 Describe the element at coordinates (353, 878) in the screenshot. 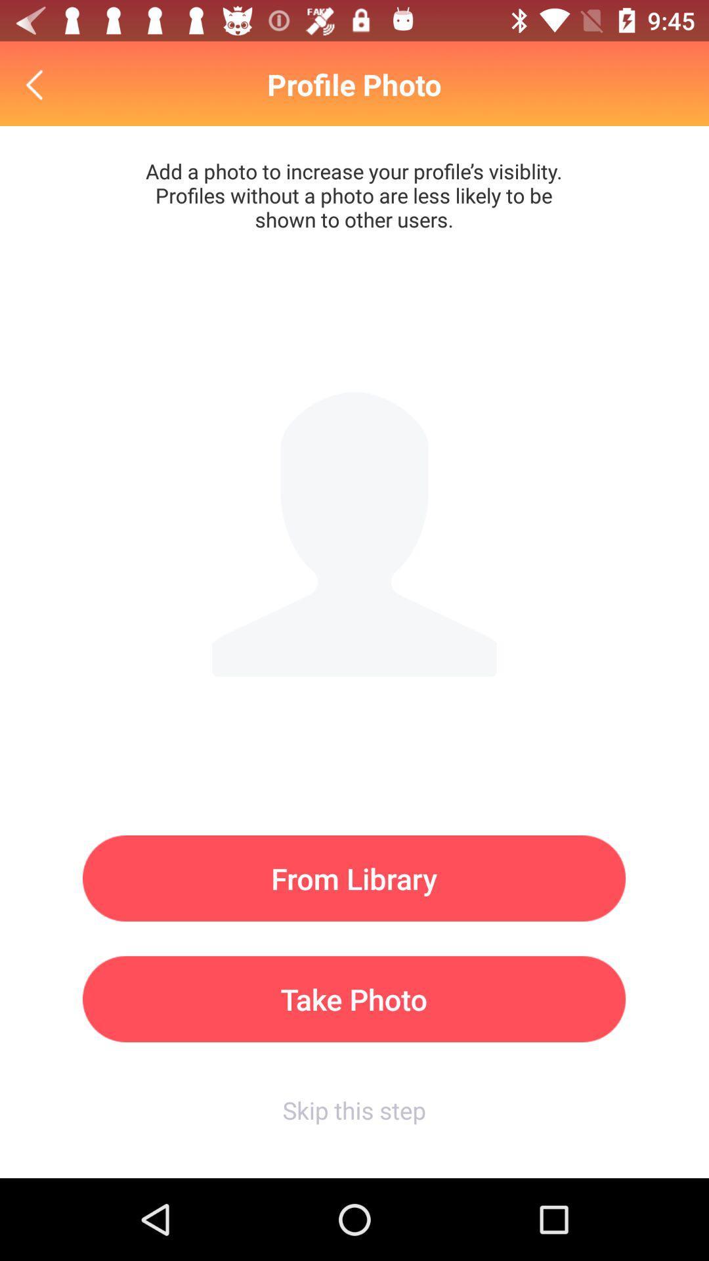

I see `from library` at that location.